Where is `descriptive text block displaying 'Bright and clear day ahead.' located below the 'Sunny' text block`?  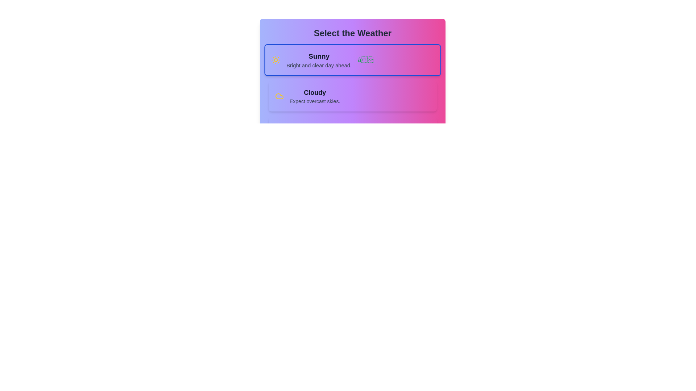
descriptive text block displaying 'Bright and clear day ahead.' located below the 'Sunny' text block is located at coordinates (319, 65).